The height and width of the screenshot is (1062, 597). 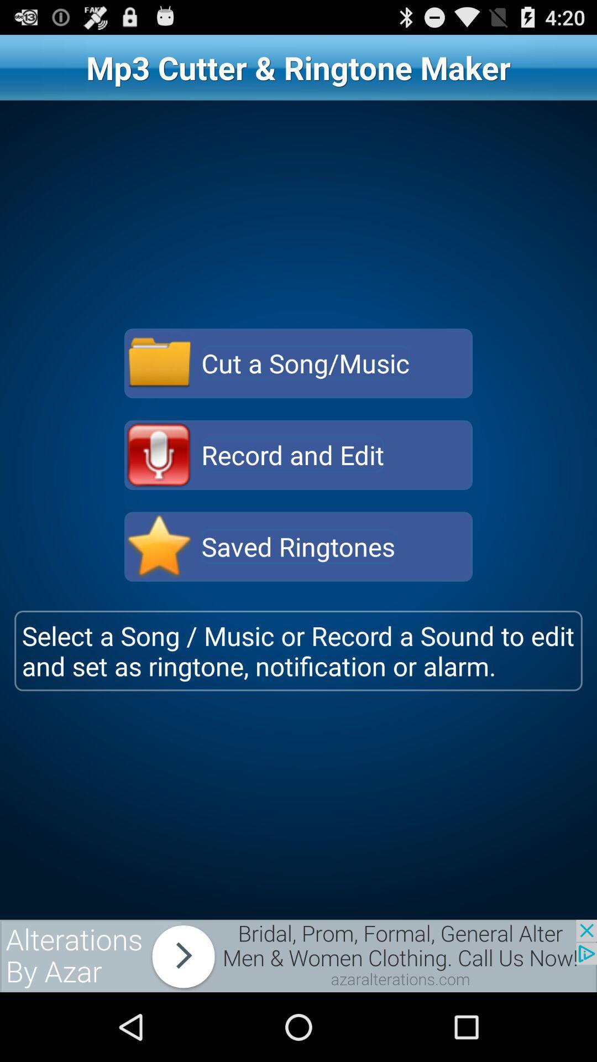 I want to click on saved ringtones, so click(x=159, y=546).